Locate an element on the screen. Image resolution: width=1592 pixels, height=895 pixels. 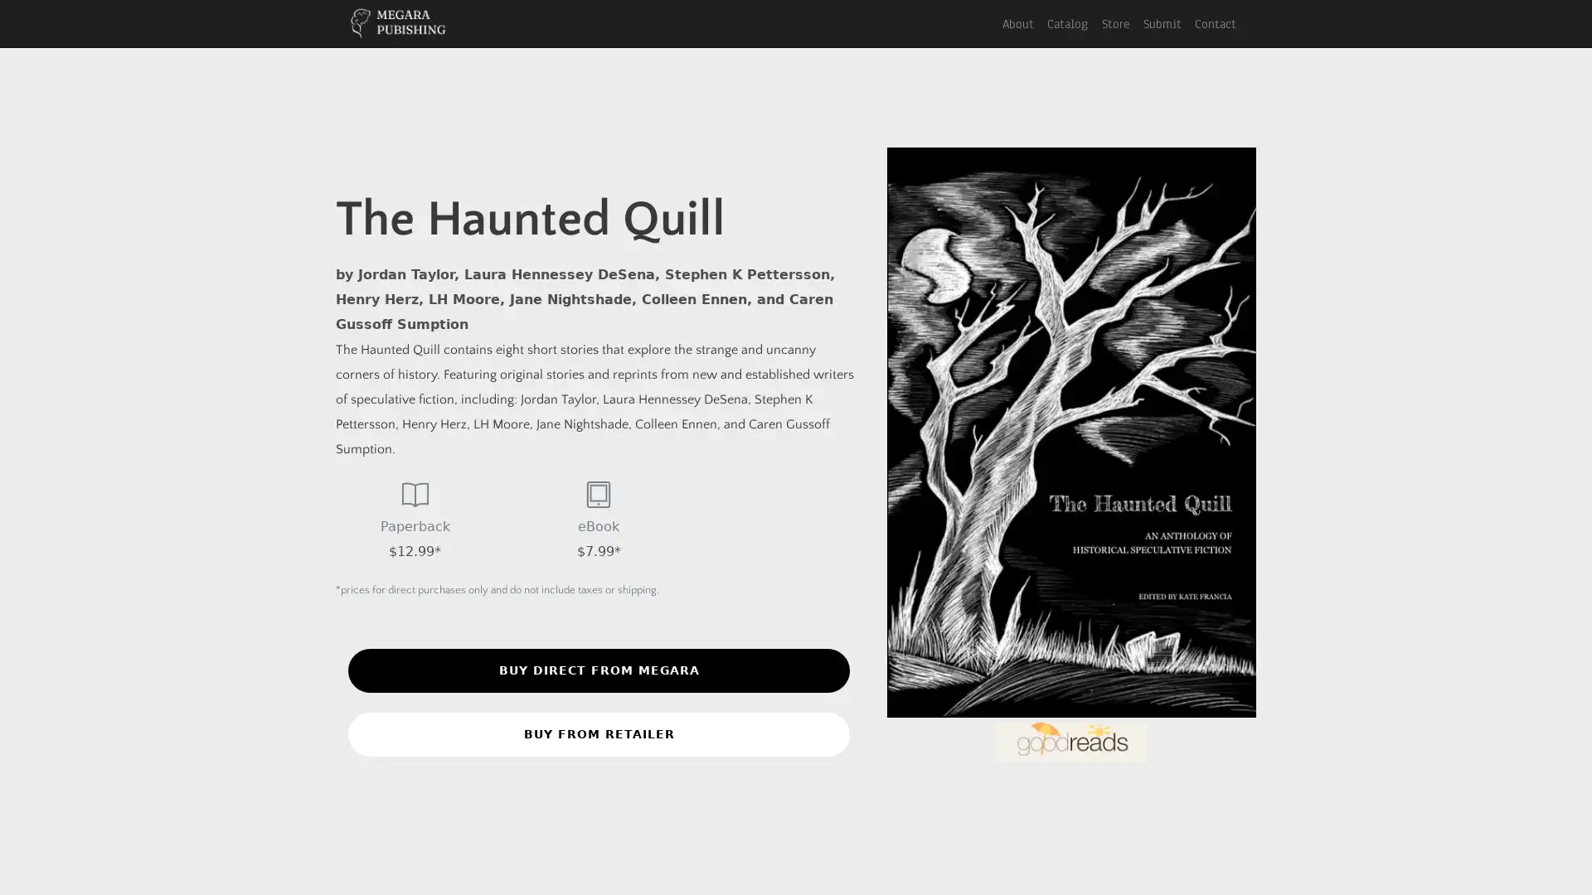
Join Us is located at coordinates (794, 245).